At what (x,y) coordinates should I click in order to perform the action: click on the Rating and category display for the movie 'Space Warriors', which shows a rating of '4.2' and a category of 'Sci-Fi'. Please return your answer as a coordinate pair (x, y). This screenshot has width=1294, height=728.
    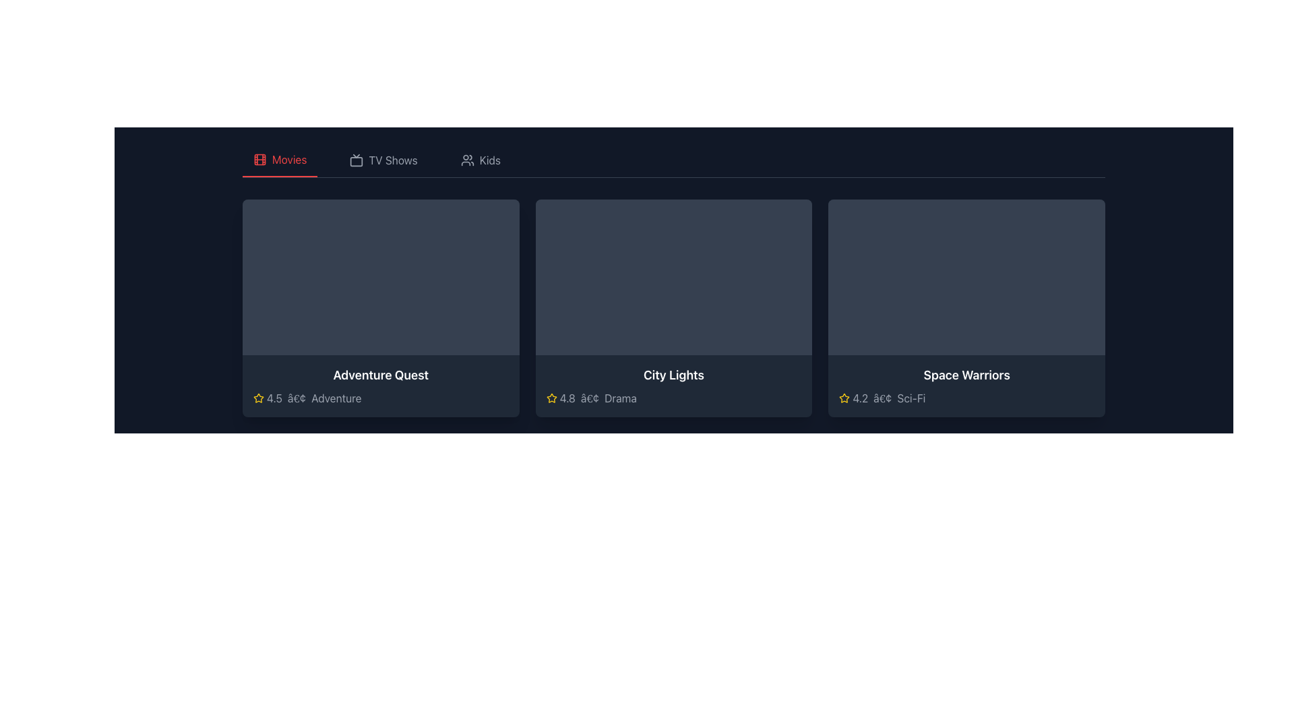
    Looking at the image, I should click on (966, 397).